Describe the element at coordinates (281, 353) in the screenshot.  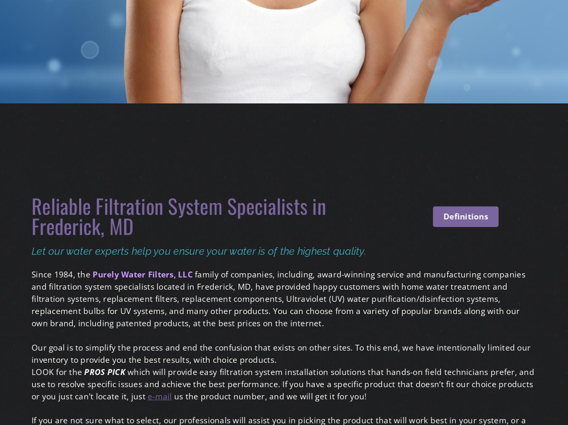
I see `'Our goal is to simplify the process and end the confusion that exists on other sites. To this end, we have intentionally limited our inventory to provide you the best results, with choice products.'` at that location.